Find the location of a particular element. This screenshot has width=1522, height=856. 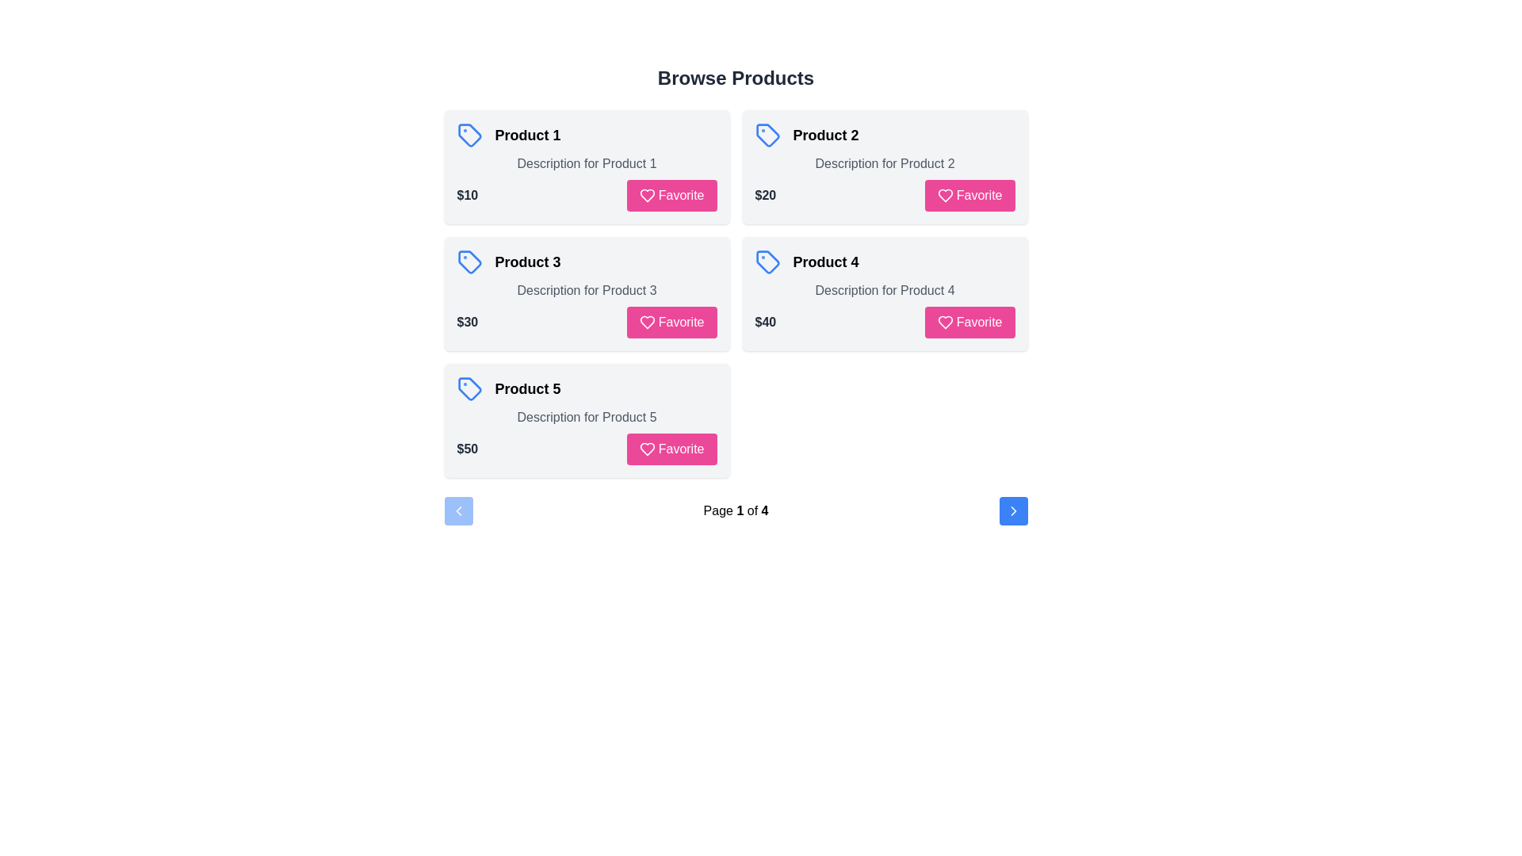

the product category icon located in the second row of product cards, adjacent to the text 'Product 3', above the price and the pink 'Favorite' button is located at coordinates (468, 262).